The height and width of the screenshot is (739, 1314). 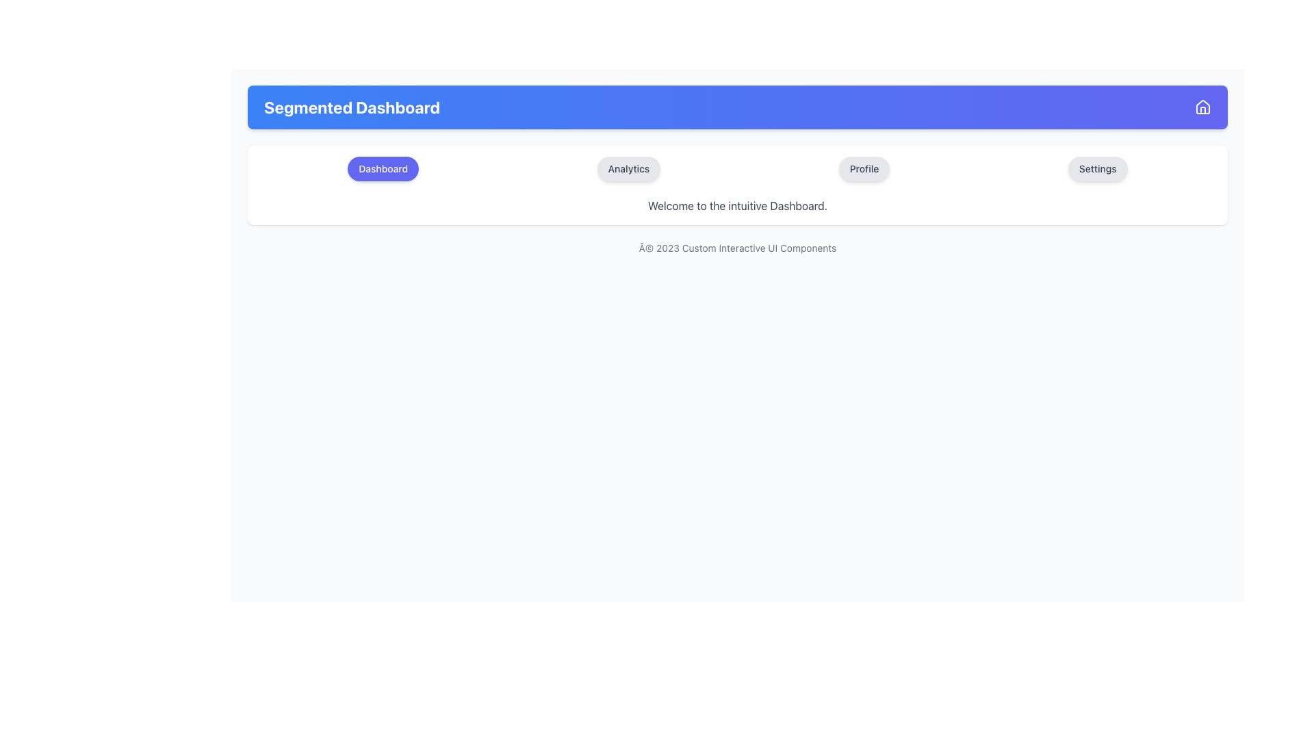 What do you see at coordinates (628, 168) in the screenshot?
I see `the 'Analytics' button, which is the second button in a row of four buttons` at bounding box center [628, 168].